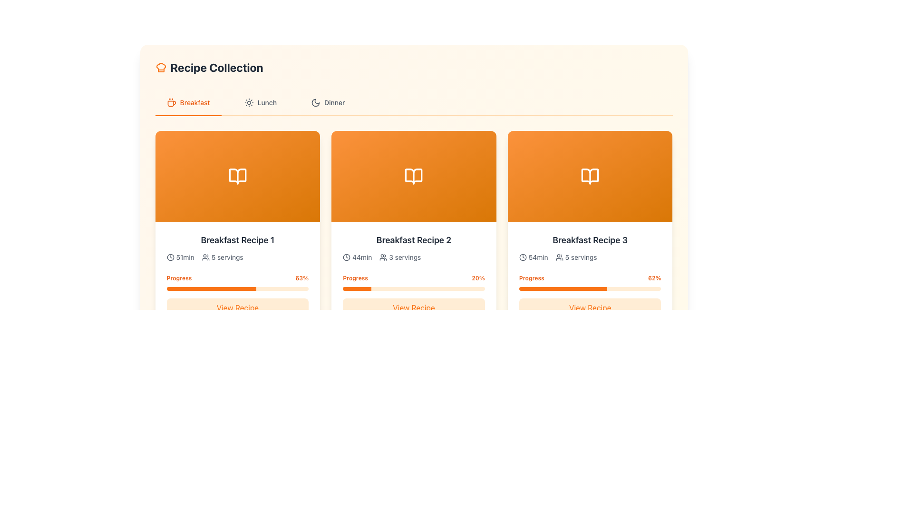  What do you see at coordinates (315, 103) in the screenshot?
I see `the moon icon associated with the 'Dinner' menu item in the navigation bar` at bounding box center [315, 103].